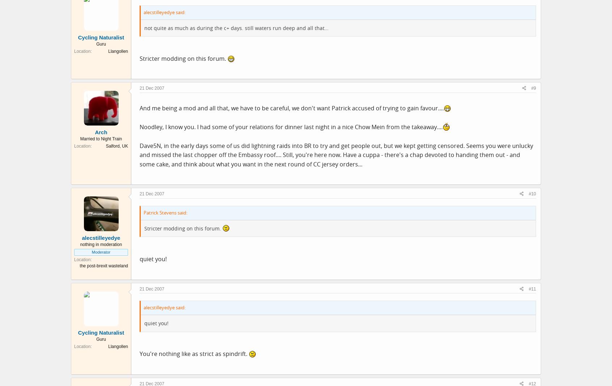 Image resolution: width=612 pixels, height=386 pixels. What do you see at coordinates (528, 194) in the screenshot?
I see `'#10'` at bounding box center [528, 194].